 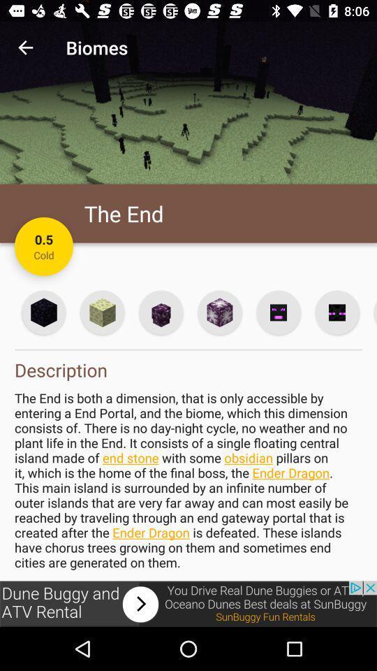 What do you see at coordinates (101, 312) in the screenshot?
I see `cube information` at bounding box center [101, 312].